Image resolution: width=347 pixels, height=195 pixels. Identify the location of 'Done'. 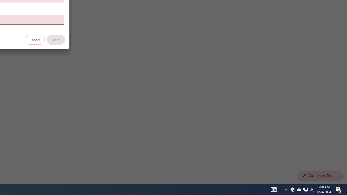
(56, 39).